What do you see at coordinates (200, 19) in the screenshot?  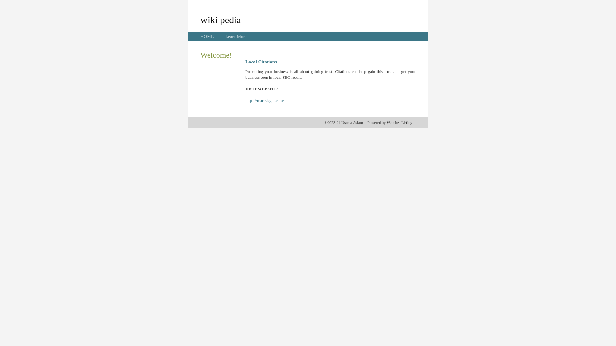 I see `'wiki pedia'` at bounding box center [200, 19].